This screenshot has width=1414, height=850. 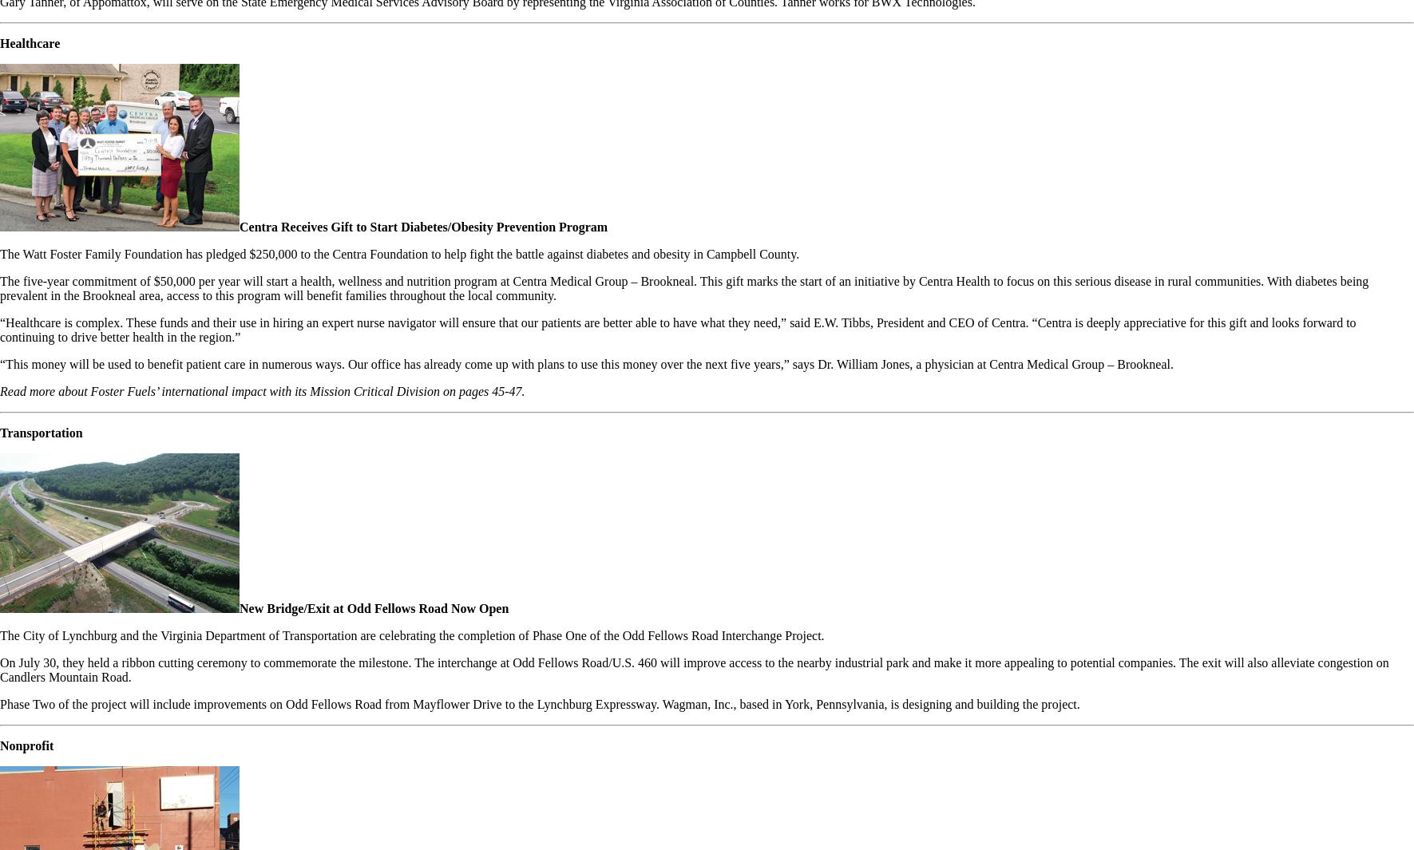 I want to click on 'Transportation', so click(x=40, y=433).